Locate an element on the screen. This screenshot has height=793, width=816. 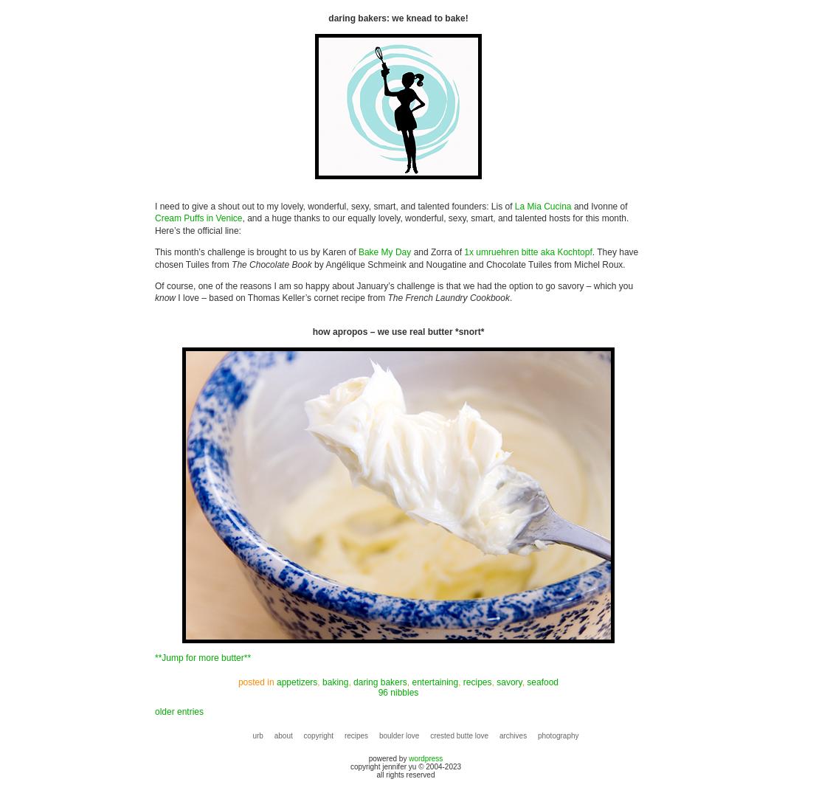
', and a huge thanks to our equally lovely, wonderful, sexy, smart, and talented hosts for this month.  Here’s the official line:' is located at coordinates (390, 224).